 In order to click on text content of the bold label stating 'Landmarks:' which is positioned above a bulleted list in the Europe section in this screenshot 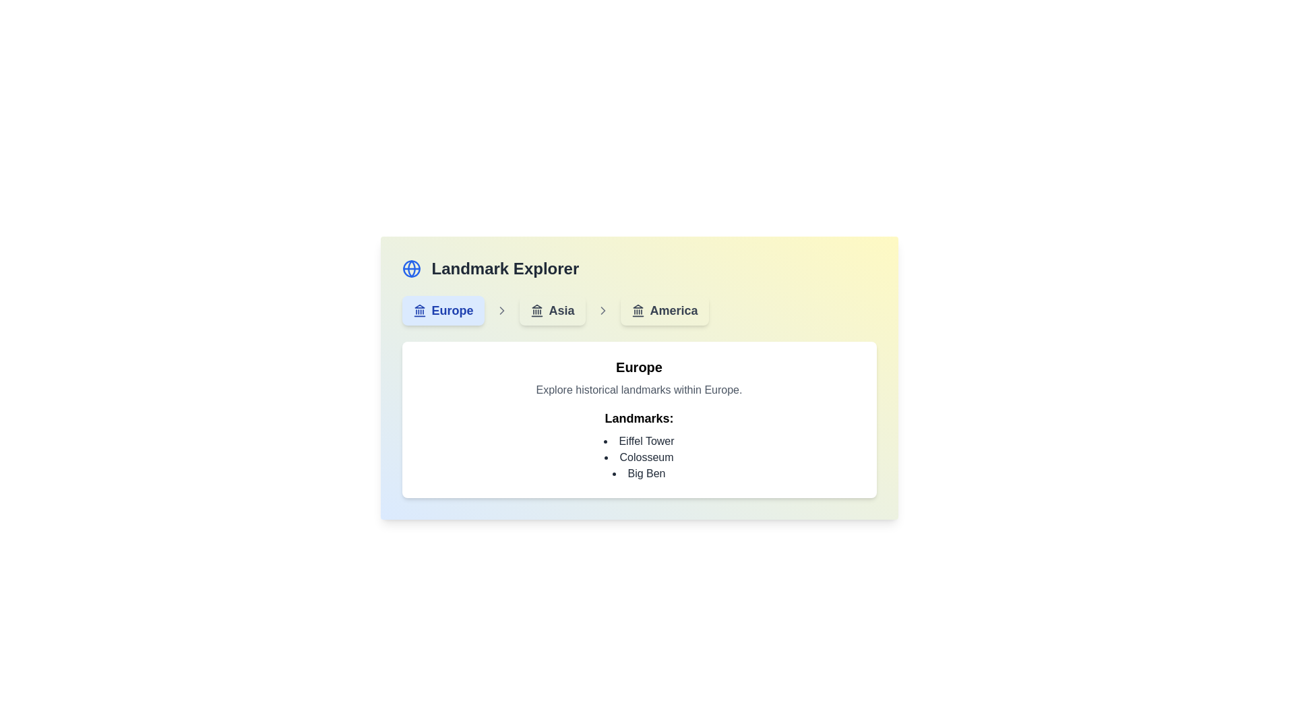, I will do `click(638, 418)`.